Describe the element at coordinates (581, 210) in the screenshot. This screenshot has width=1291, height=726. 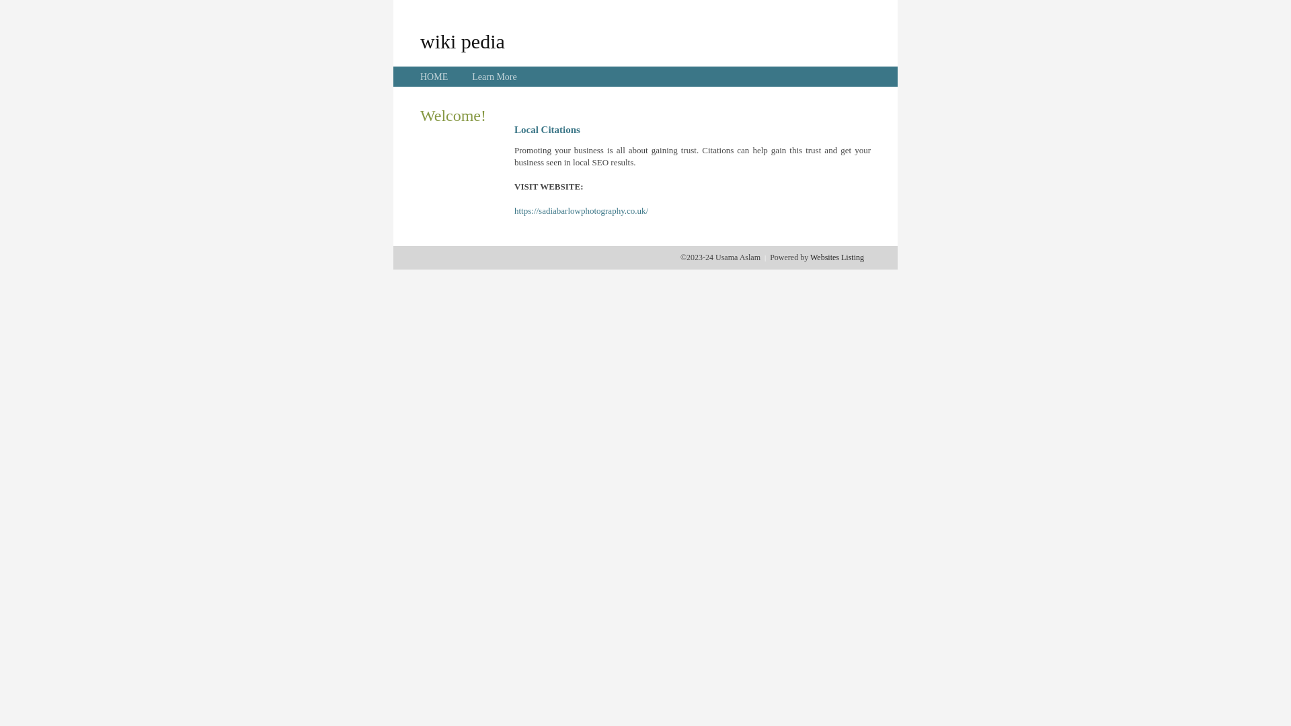
I see `'https://sadiabarlowphotography.co.uk/'` at that location.